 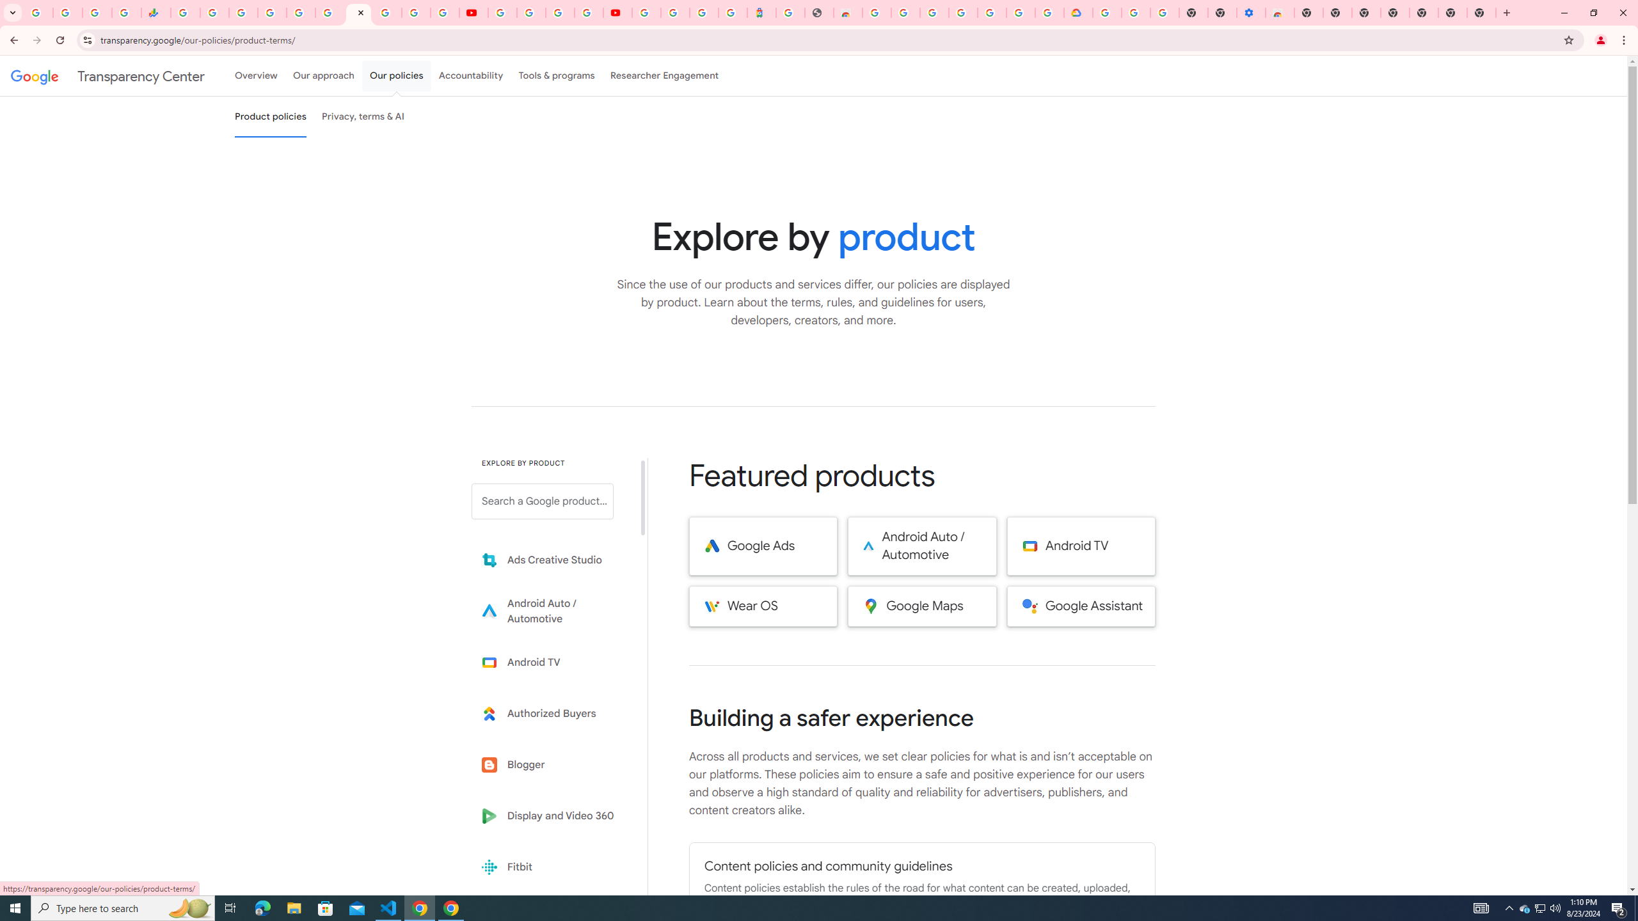 I want to click on 'YouTube', so click(x=502, y=12).